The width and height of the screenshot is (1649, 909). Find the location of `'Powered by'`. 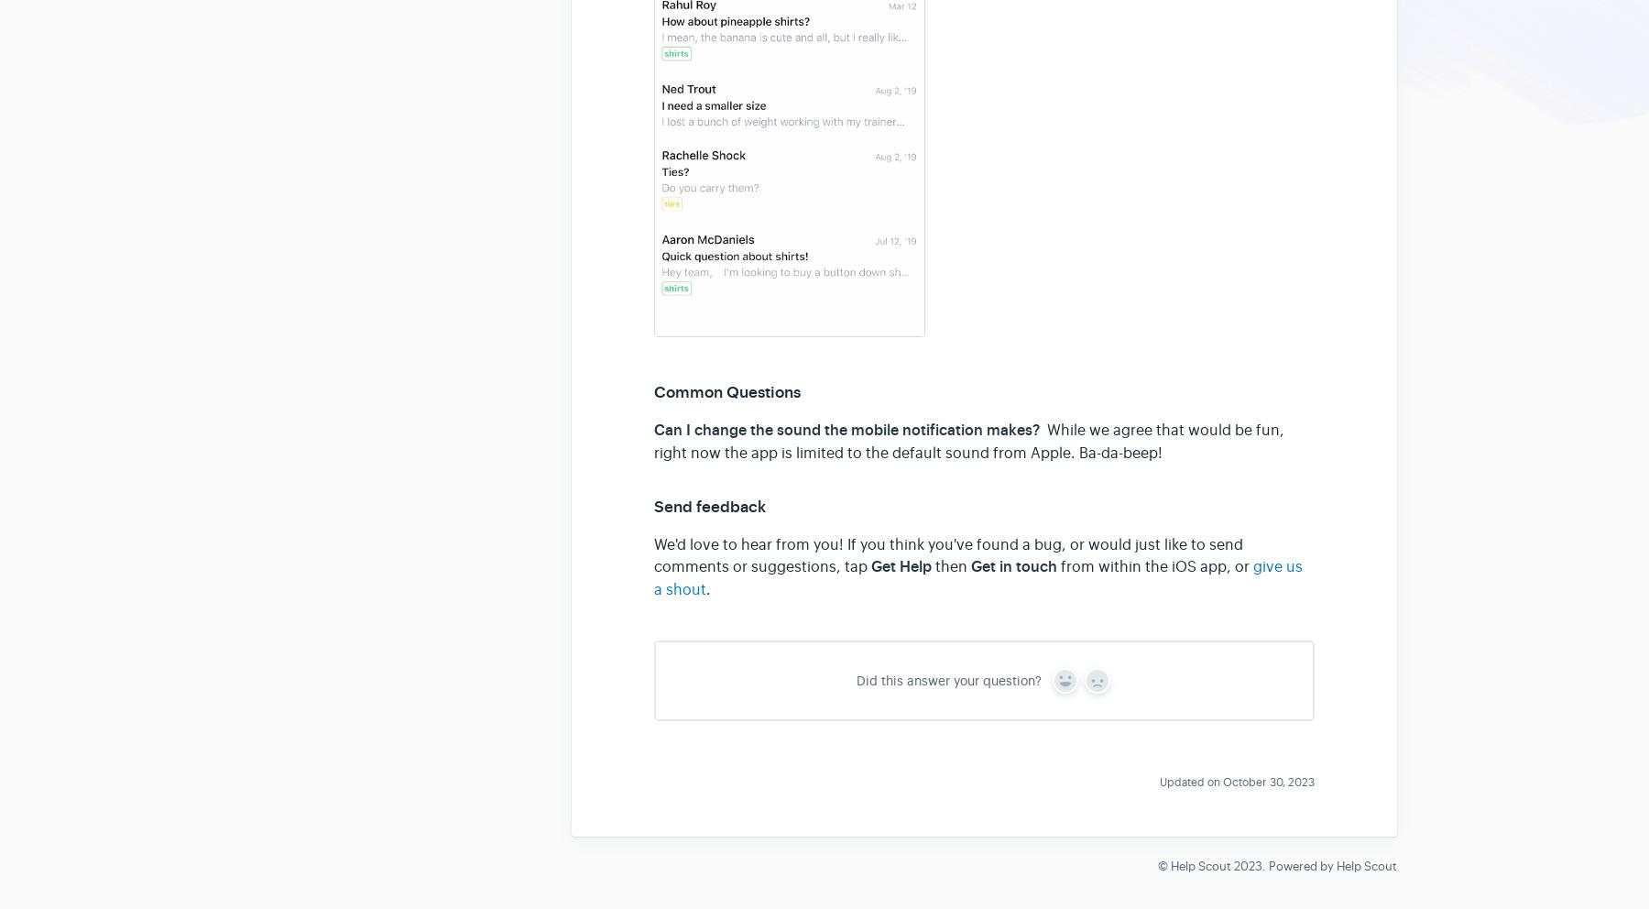

'Powered by' is located at coordinates (1302, 864).